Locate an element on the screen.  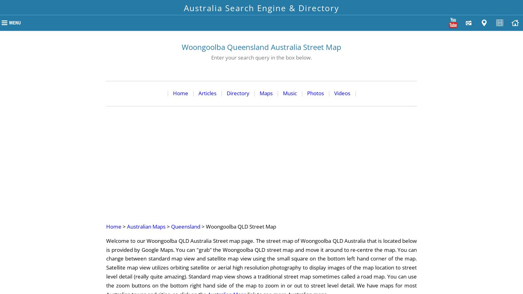
'Maps' is located at coordinates (265, 93).